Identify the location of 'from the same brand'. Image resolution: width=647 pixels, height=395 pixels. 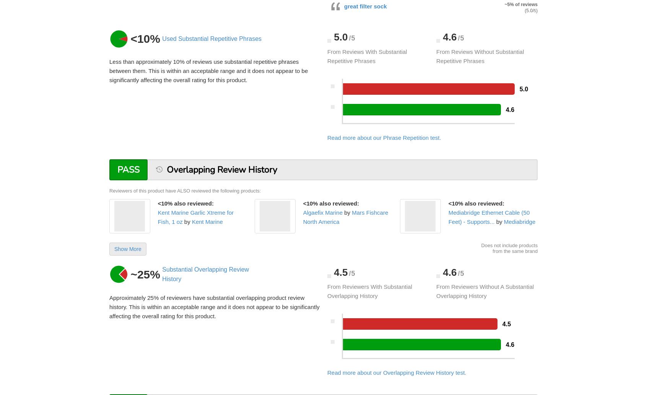
(515, 251).